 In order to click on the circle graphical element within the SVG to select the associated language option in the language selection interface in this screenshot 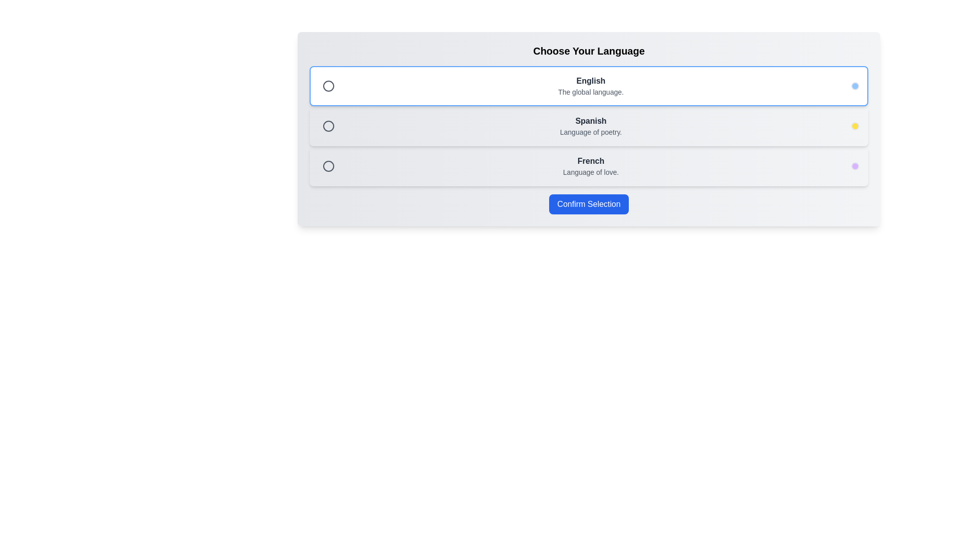, I will do `click(329, 86)`.